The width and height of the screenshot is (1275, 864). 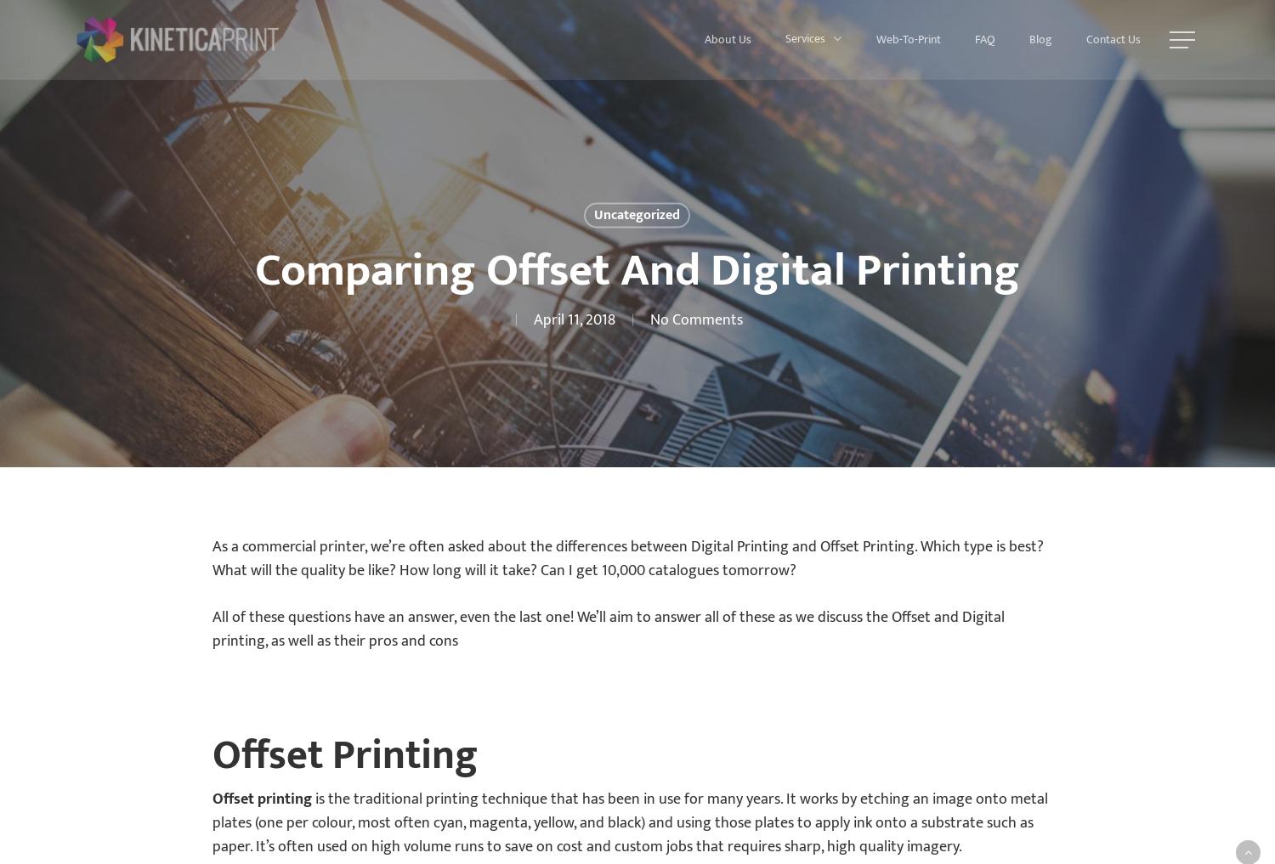 What do you see at coordinates (629, 822) in the screenshot?
I see `'is the traditional printing technique that has been in use for many years. It works by etching an image onto metal plates (one per colour, most often cyan, magenta, yellow, and black) and using those plates to apply ink onto a substrate such as paper. It’s often used on high volume runs to save on cost and custom jobs that requires sharp, high quality imagery.'` at bounding box center [629, 822].